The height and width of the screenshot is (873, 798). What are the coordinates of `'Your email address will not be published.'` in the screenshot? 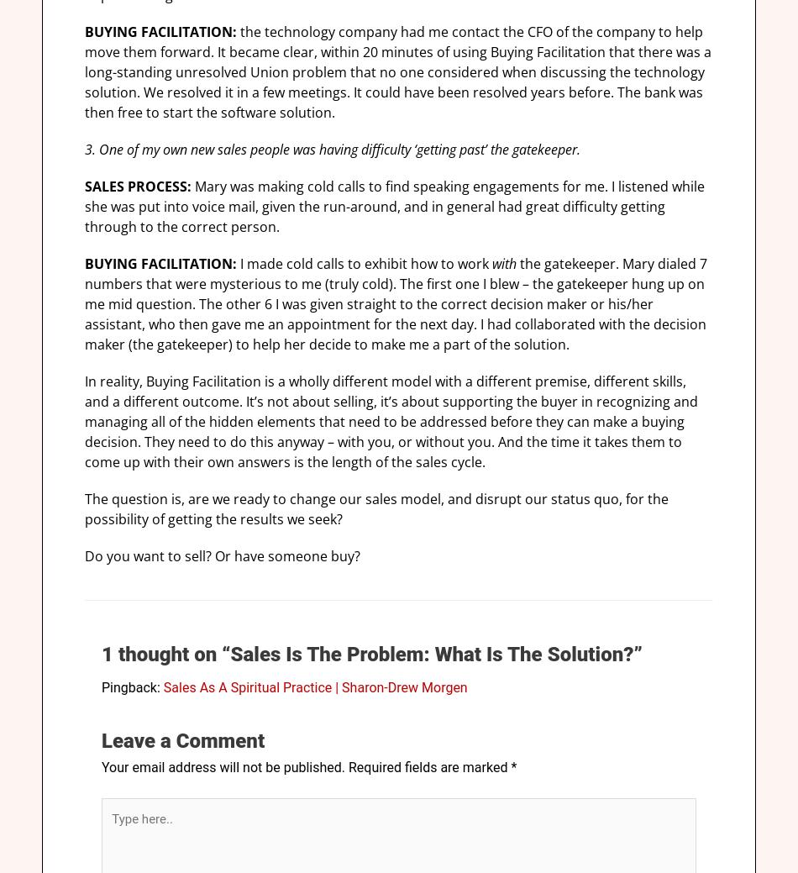 It's located at (223, 767).